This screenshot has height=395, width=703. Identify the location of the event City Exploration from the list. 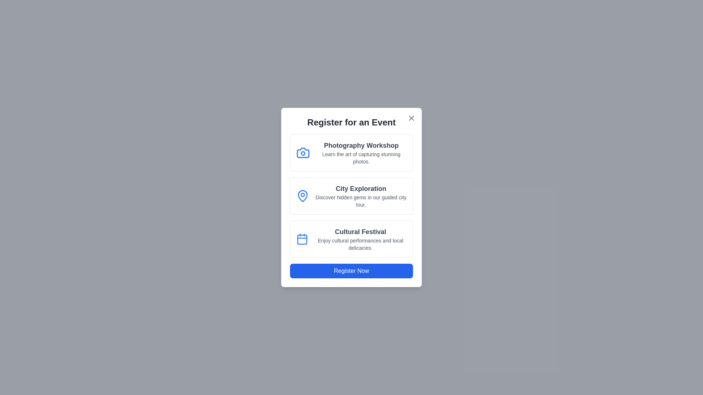
(351, 196).